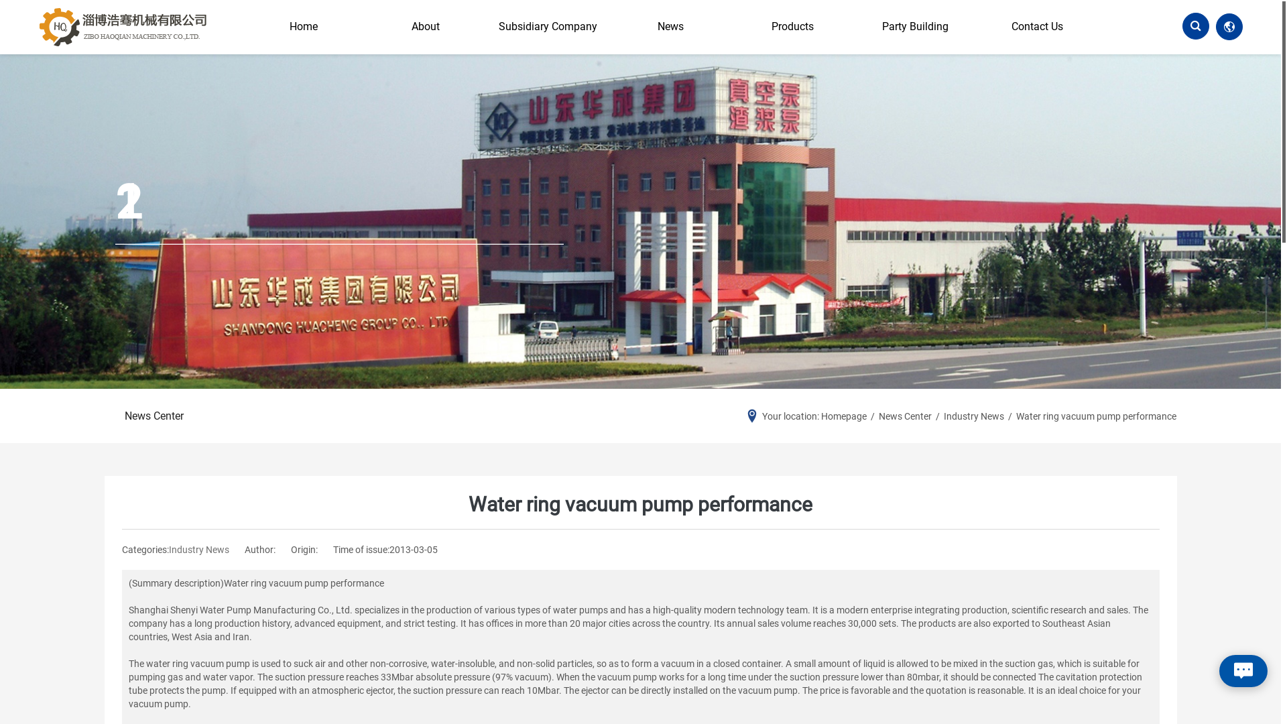 The width and height of the screenshot is (1287, 724). I want to click on 'Homepage', so click(843, 416).